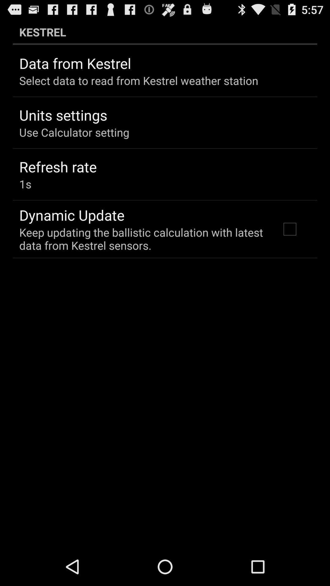 The width and height of the screenshot is (330, 586). What do you see at coordinates (141, 238) in the screenshot?
I see `the keep updating the app` at bounding box center [141, 238].